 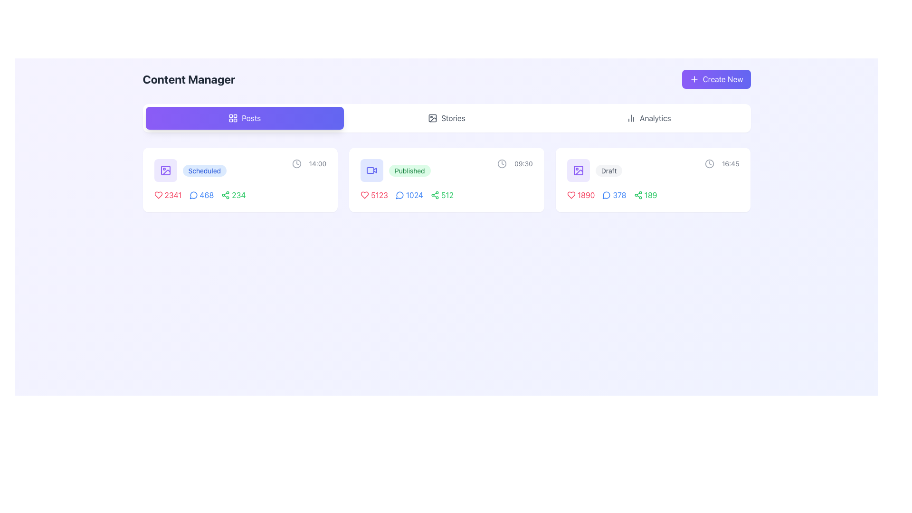 What do you see at coordinates (631, 118) in the screenshot?
I see `the chart icon within the 'Analytics' button located on the right side of the main navigation bar` at bounding box center [631, 118].